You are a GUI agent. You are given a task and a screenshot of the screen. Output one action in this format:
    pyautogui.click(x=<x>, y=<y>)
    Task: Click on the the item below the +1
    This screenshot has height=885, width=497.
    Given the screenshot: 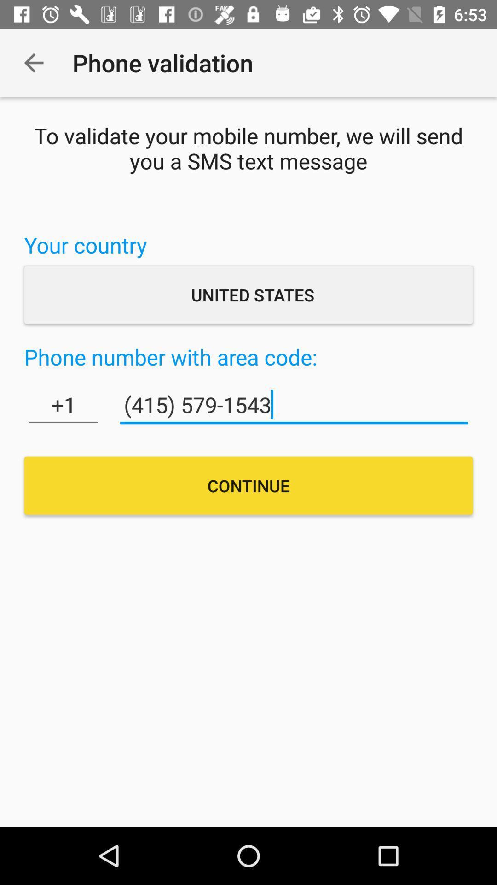 What is the action you would take?
    pyautogui.click(x=248, y=485)
    